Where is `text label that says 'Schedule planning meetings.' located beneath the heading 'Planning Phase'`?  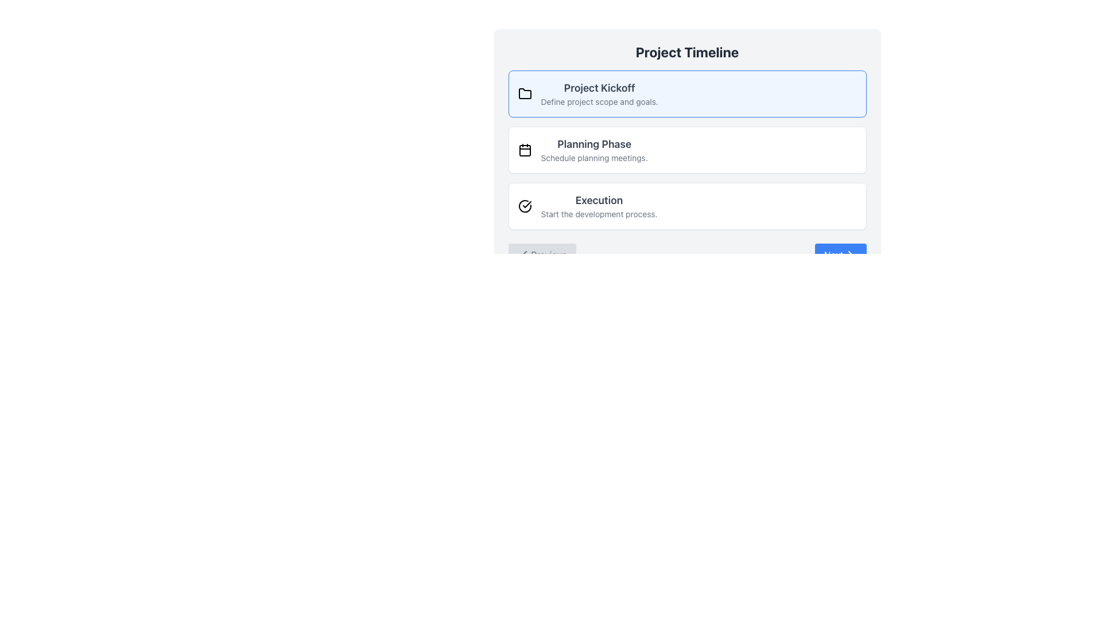
text label that says 'Schedule planning meetings.' located beneath the heading 'Planning Phase' is located at coordinates (594, 158).